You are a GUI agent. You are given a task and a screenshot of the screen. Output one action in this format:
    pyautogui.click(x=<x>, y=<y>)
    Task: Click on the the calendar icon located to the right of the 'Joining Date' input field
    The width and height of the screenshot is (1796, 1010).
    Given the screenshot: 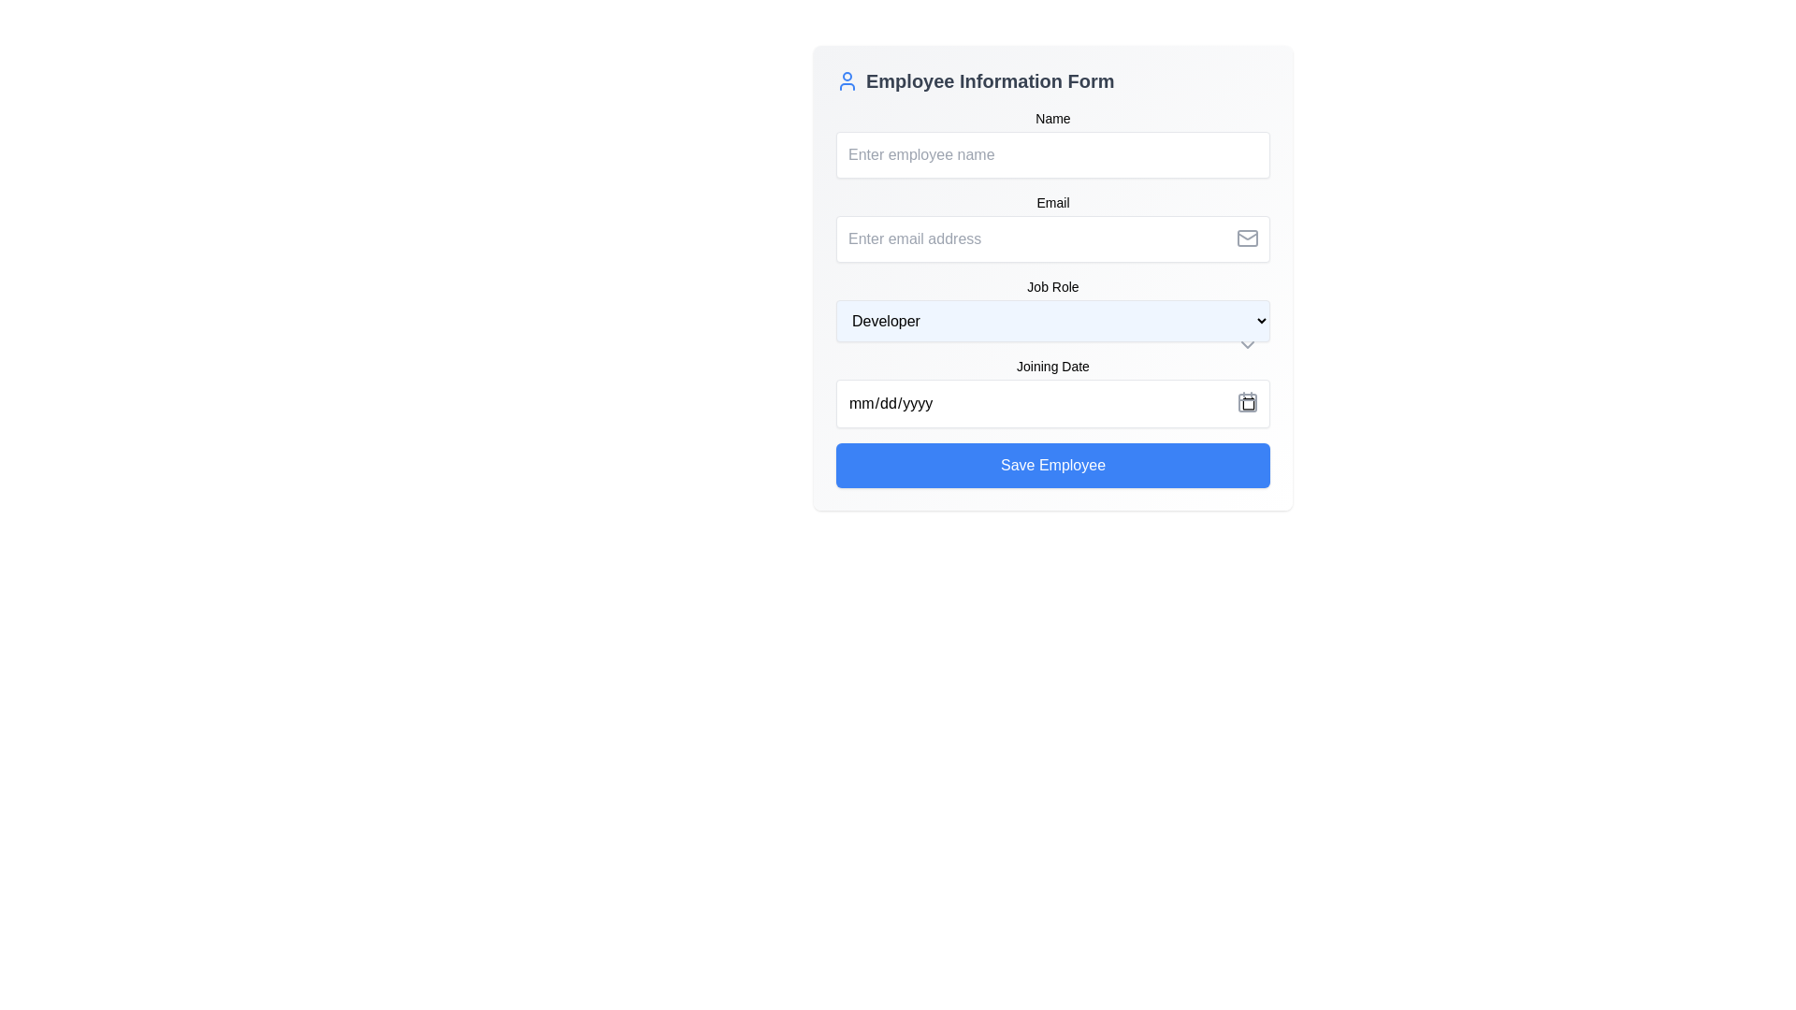 What is the action you would take?
    pyautogui.click(x=1248, y=400)
    